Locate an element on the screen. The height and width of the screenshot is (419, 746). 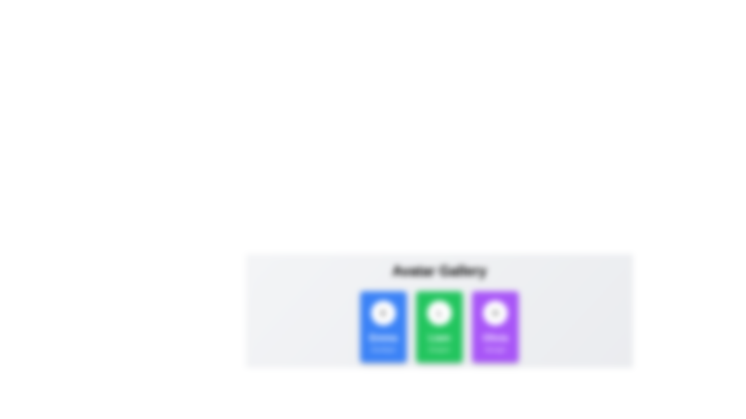
the Profile card displaying 'Emma' with a blue background and a black letter 'E' at the top is located at coordinates (383, 327).